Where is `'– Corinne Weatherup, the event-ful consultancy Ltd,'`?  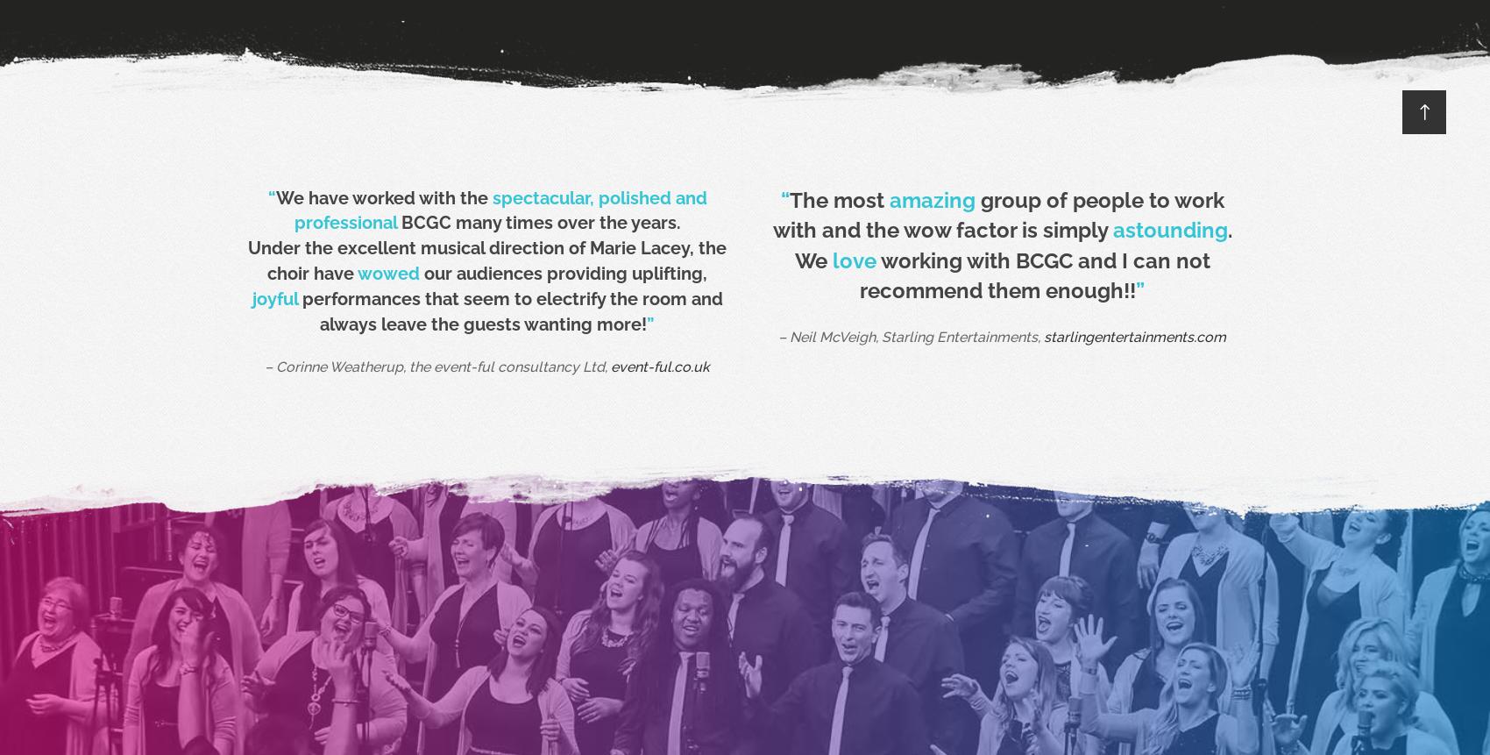
'– Corinne Weatherup, the event-ful consultancy Ltd,' is located at coordinates (264, 367).